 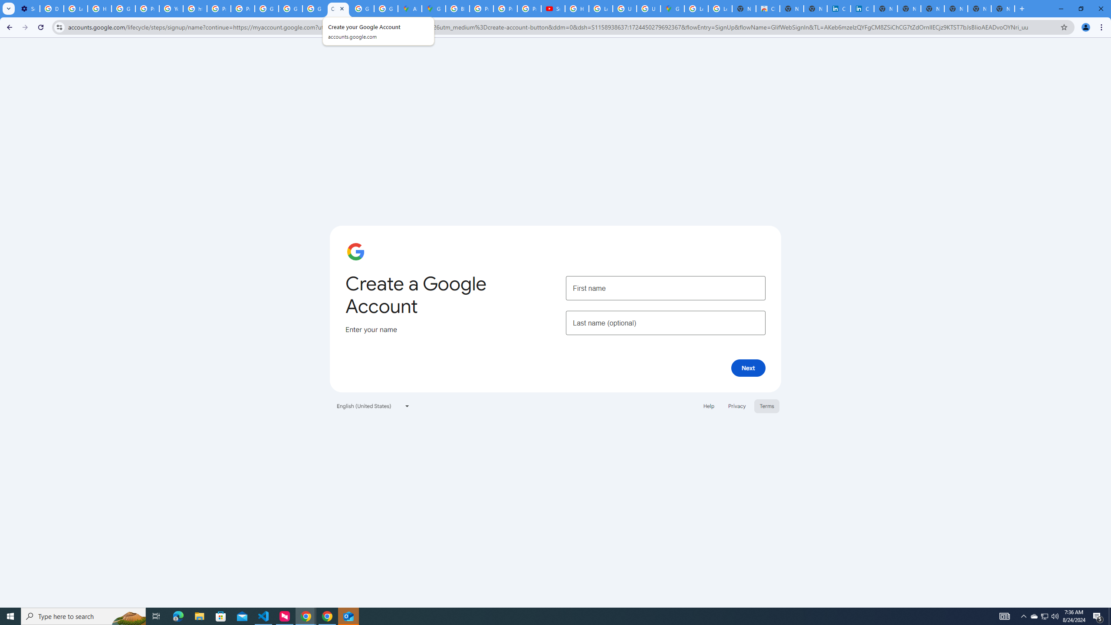 I want to click on 'Create your Google Account', so click(x=338, y=8).